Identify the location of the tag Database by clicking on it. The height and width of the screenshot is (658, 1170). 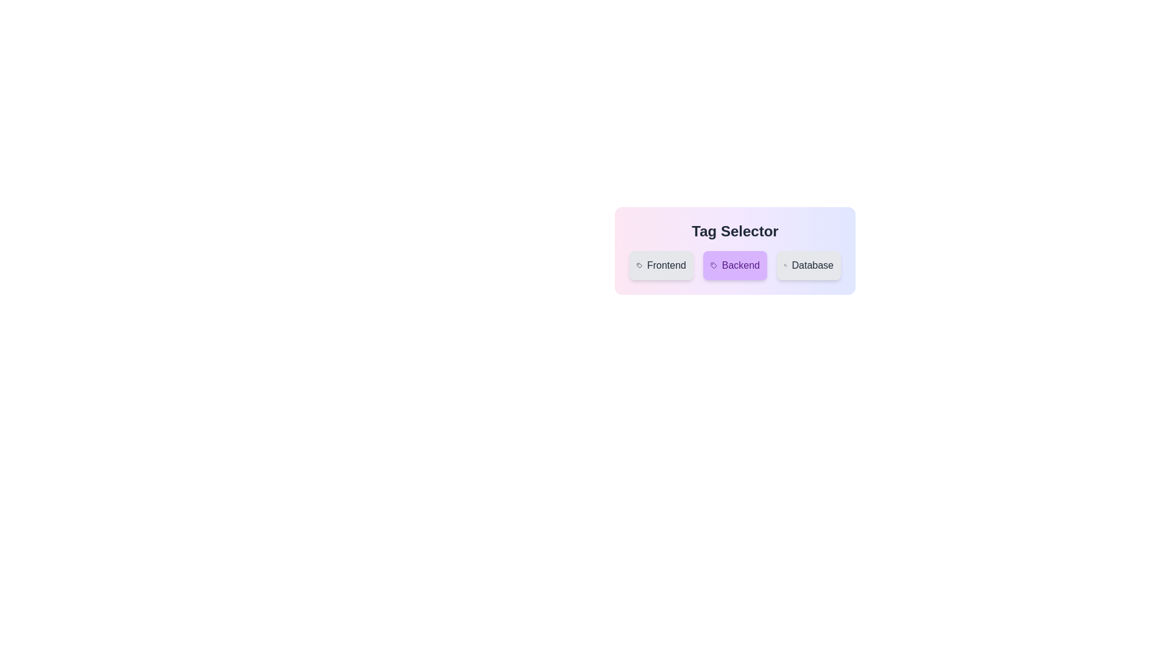
(809, 264).